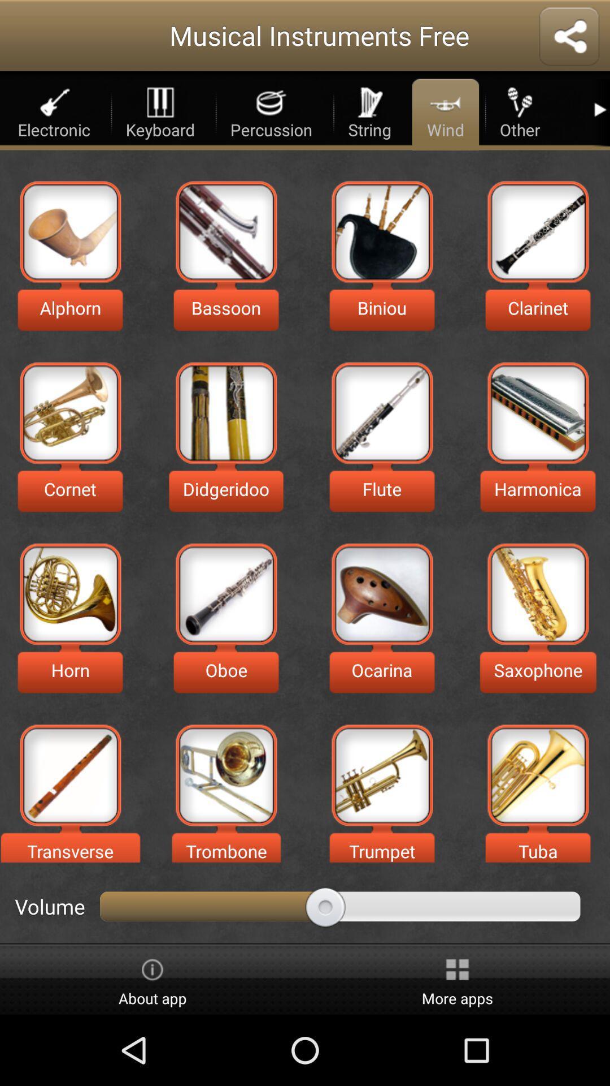  Describe the element at coordinates (537, 231) in the screenshot. I see `clarinet` at that location.